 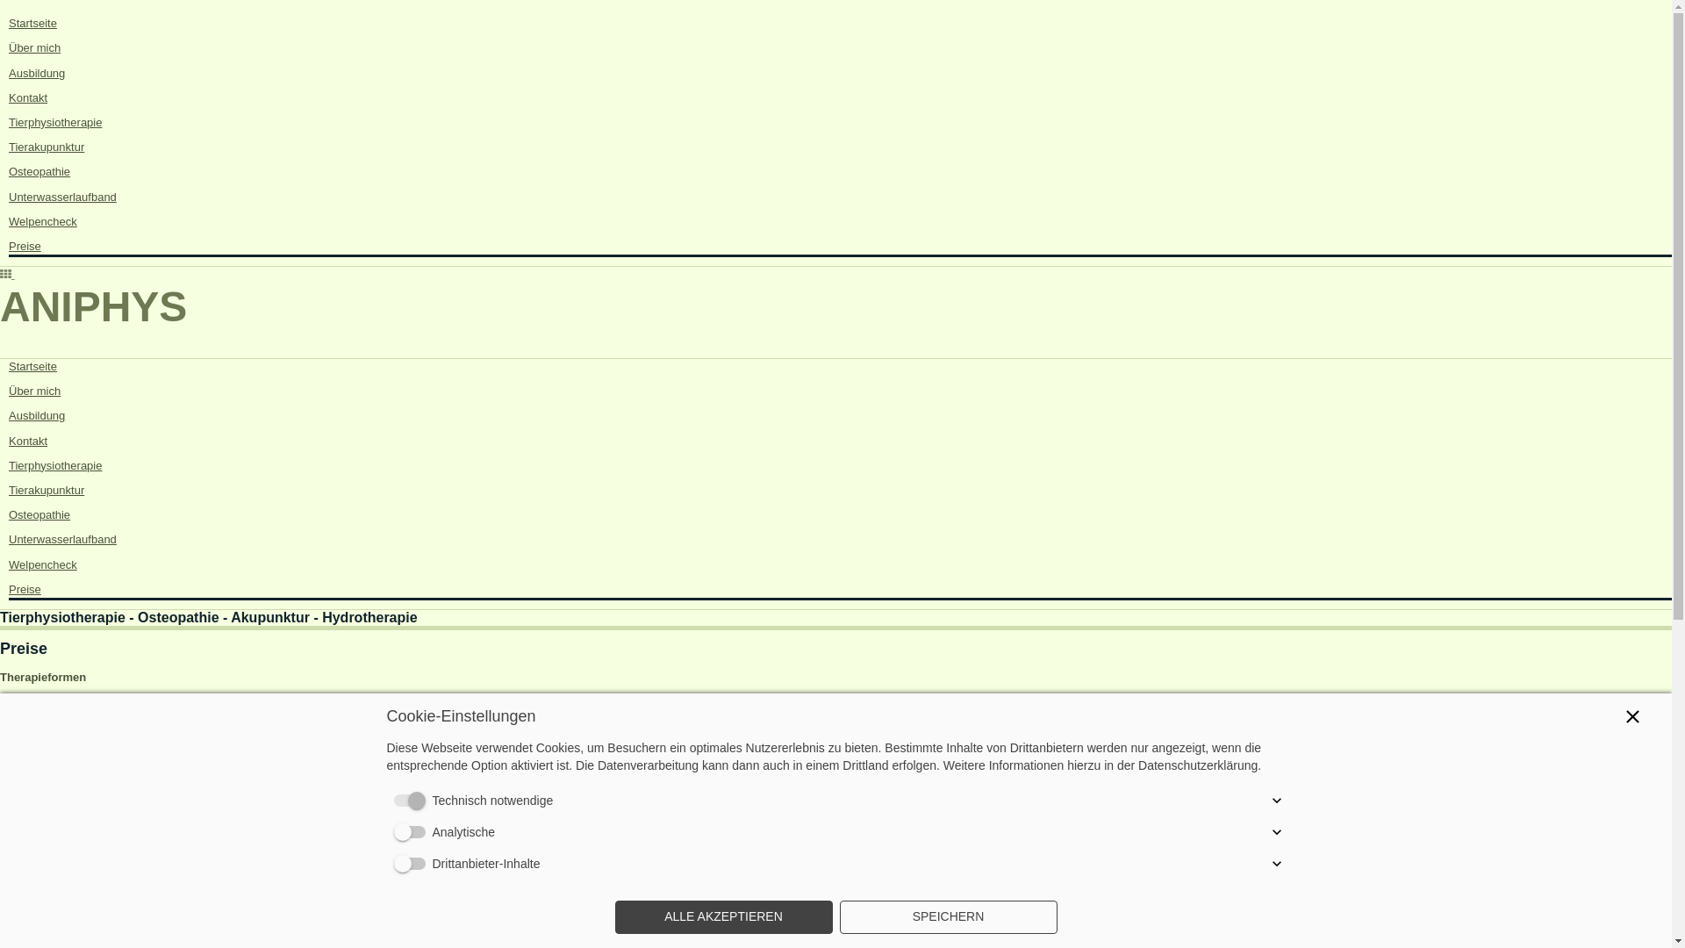 I want to click on 'Ausbildung', so click(x=8, y=72).